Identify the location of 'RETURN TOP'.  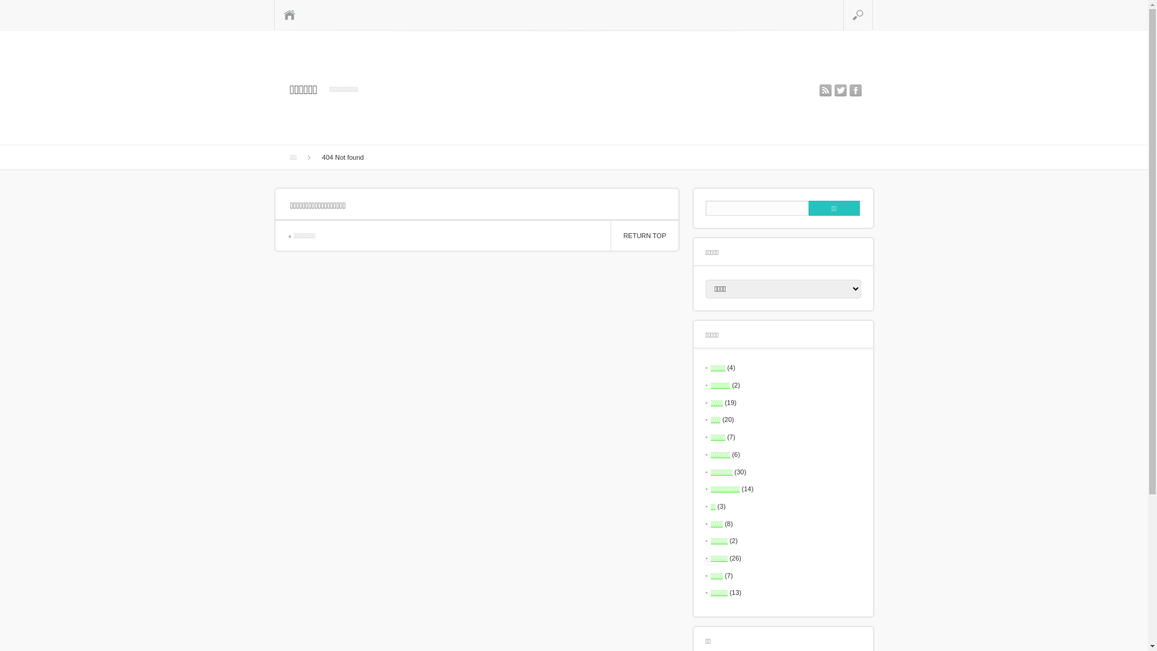
(644, 235).